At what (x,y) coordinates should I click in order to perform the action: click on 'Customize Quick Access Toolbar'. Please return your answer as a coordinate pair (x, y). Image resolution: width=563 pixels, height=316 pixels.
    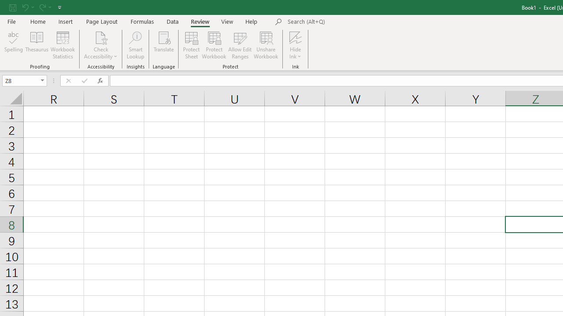
    Looking at the image, I should click on (59, 7).